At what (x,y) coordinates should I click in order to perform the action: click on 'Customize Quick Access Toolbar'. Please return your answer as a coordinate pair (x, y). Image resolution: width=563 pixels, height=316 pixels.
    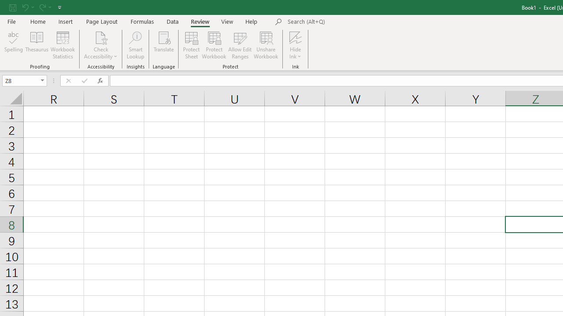
    Looking at the image, I should click on (59, 7).